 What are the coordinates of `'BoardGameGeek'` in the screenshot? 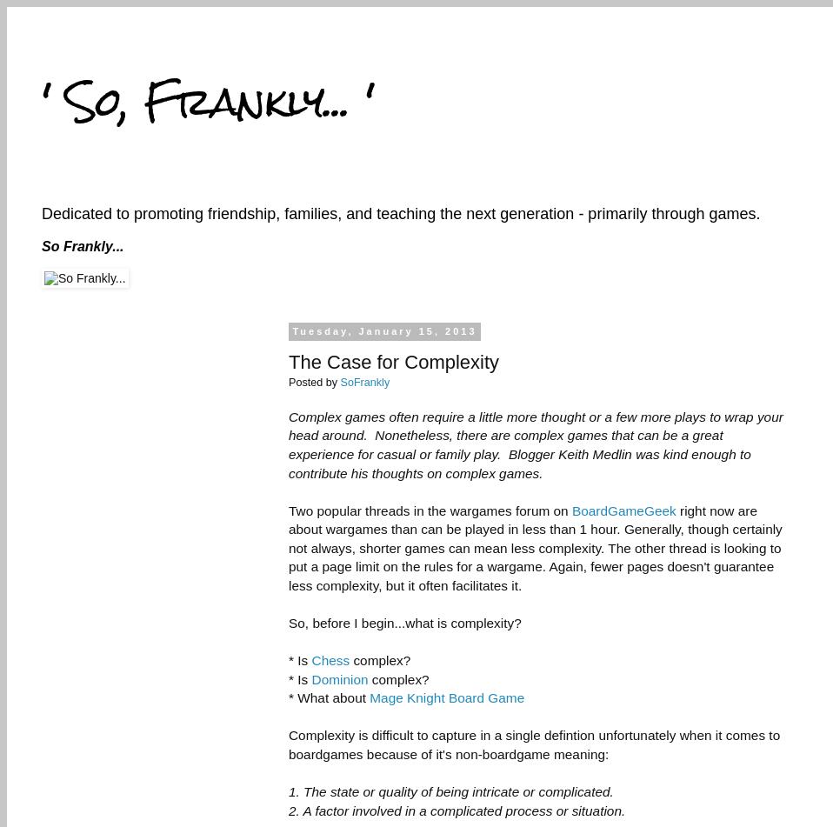 It's located at (622, 509).